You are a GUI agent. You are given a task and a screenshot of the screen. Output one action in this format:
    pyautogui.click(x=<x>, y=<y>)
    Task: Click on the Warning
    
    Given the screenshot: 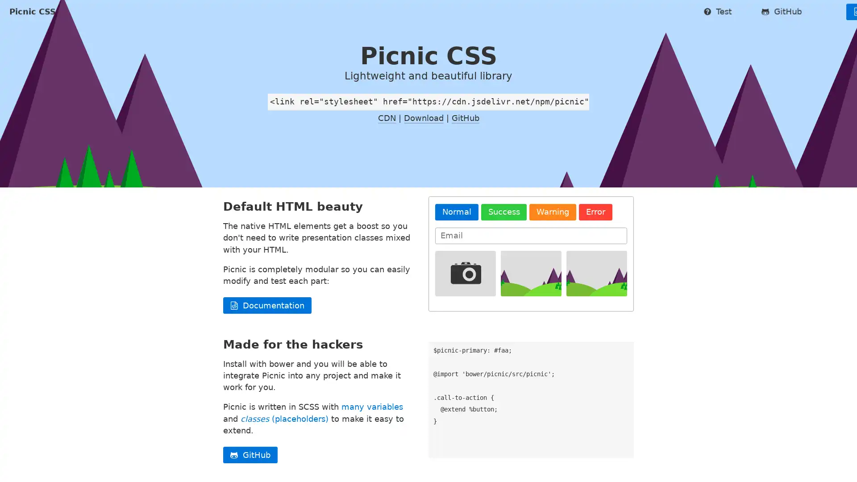 What is the action you would take?
    pyautogui.click(x=552, y=238)
    